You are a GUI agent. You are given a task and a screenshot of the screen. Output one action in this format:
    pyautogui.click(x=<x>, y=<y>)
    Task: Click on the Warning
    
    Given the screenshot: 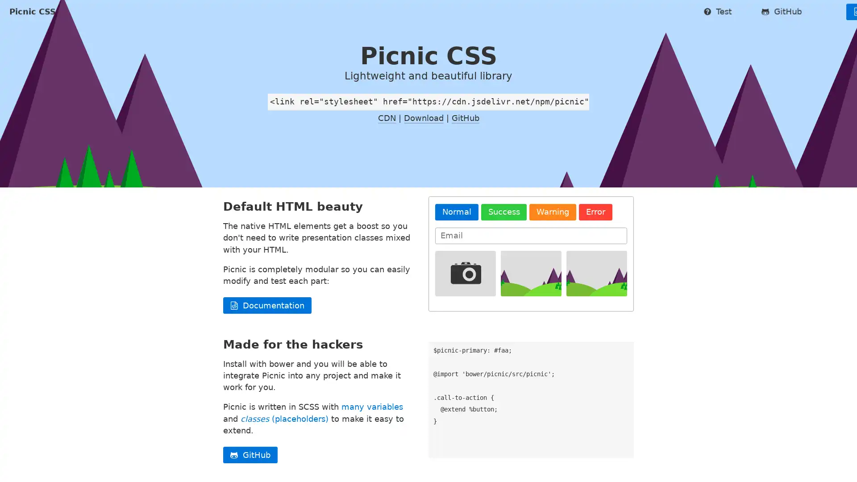 What is the action you would take?
    pyautogui.click(x=552, y=238)
    